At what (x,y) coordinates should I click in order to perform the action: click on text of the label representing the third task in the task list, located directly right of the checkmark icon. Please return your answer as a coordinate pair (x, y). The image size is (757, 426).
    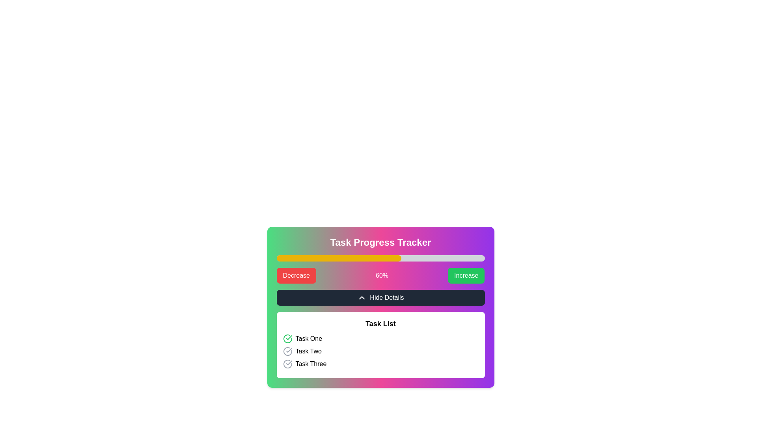
    Looking at the image, I should click on (310, 364).